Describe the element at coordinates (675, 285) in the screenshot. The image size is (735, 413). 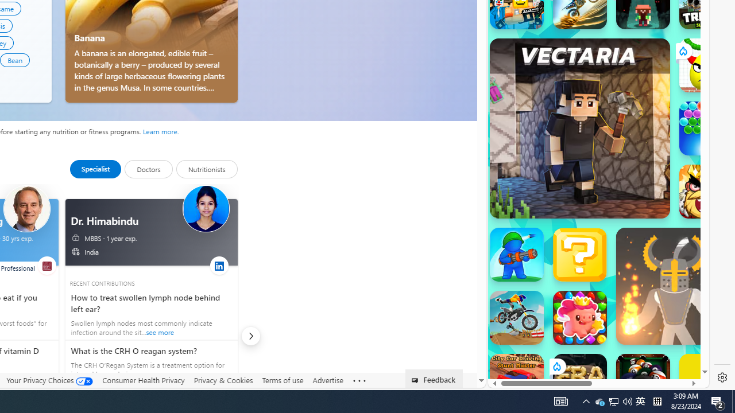
I see `'Ragdoll Hit Ragdoll Hit'` at that location.